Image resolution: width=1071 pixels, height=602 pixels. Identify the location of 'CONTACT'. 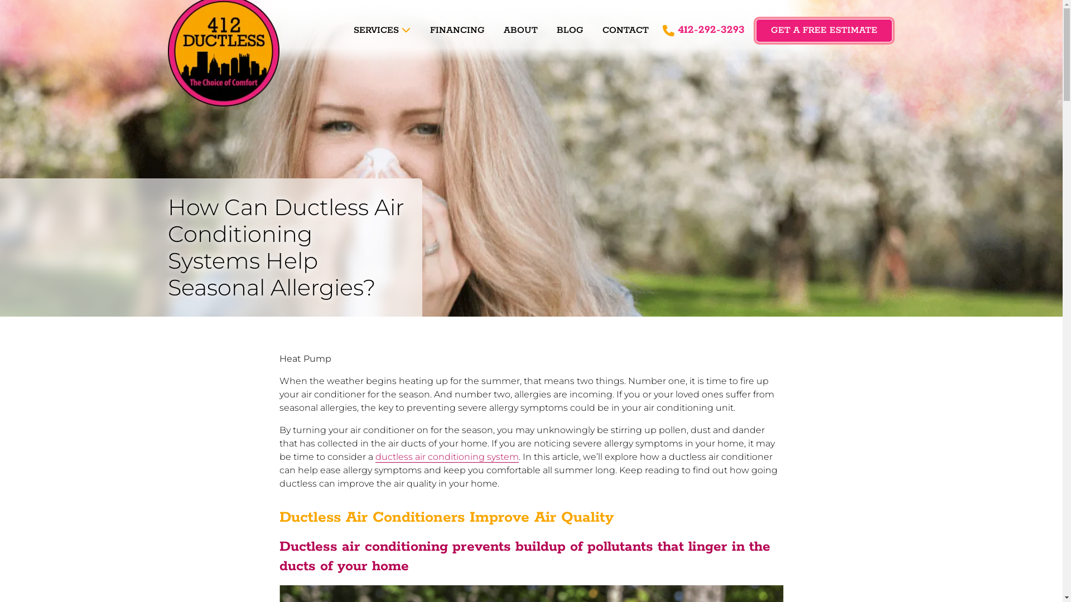
(625, 30).